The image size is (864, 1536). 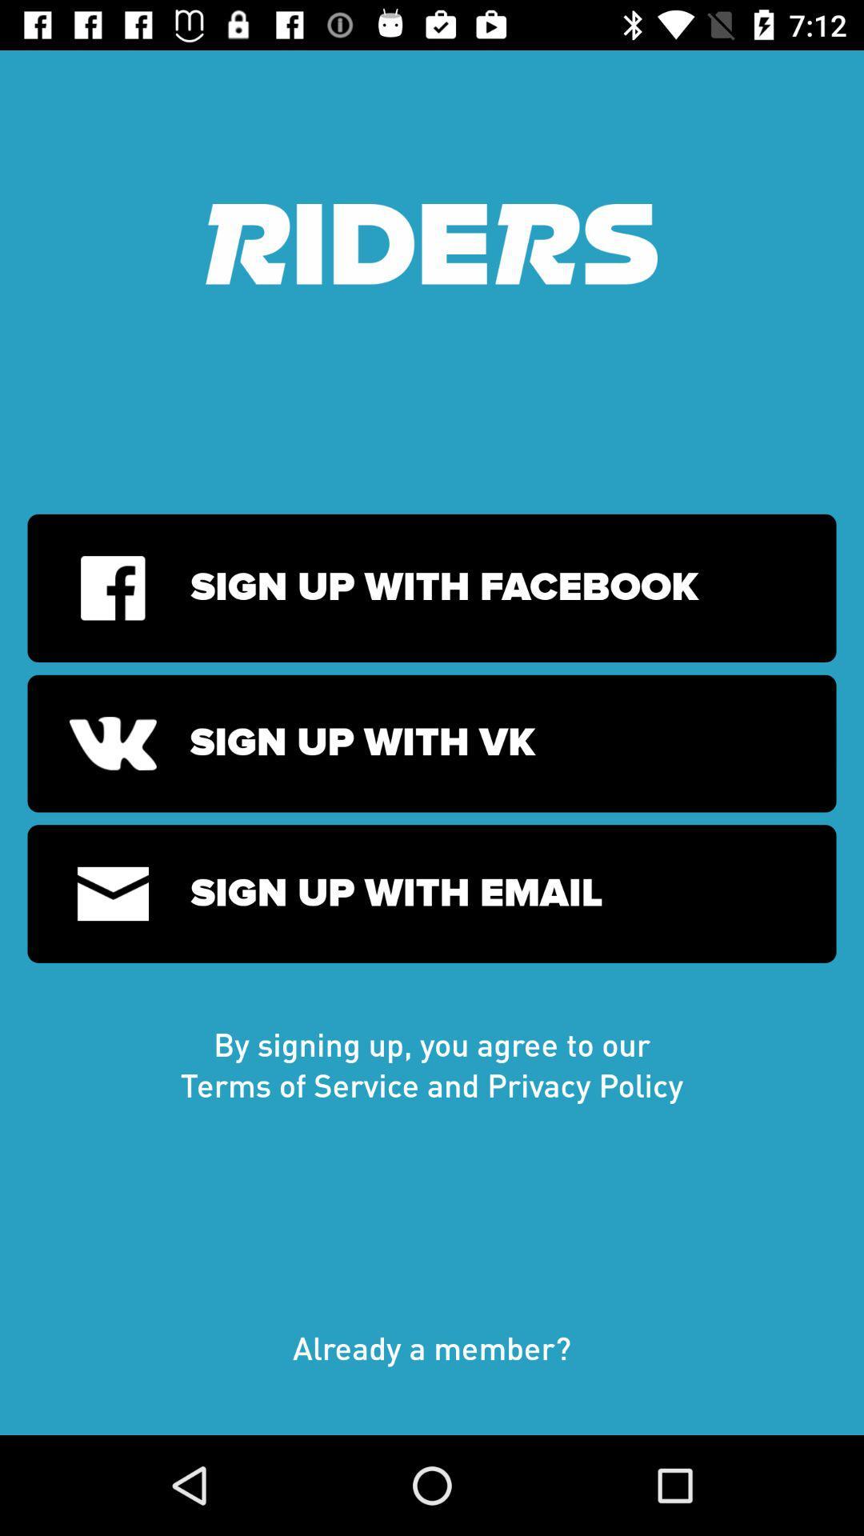 What do you see at coordinates (432, 1064) in the screenshot?
I see `the by signing up icon` at bounding box center [432, 1064].